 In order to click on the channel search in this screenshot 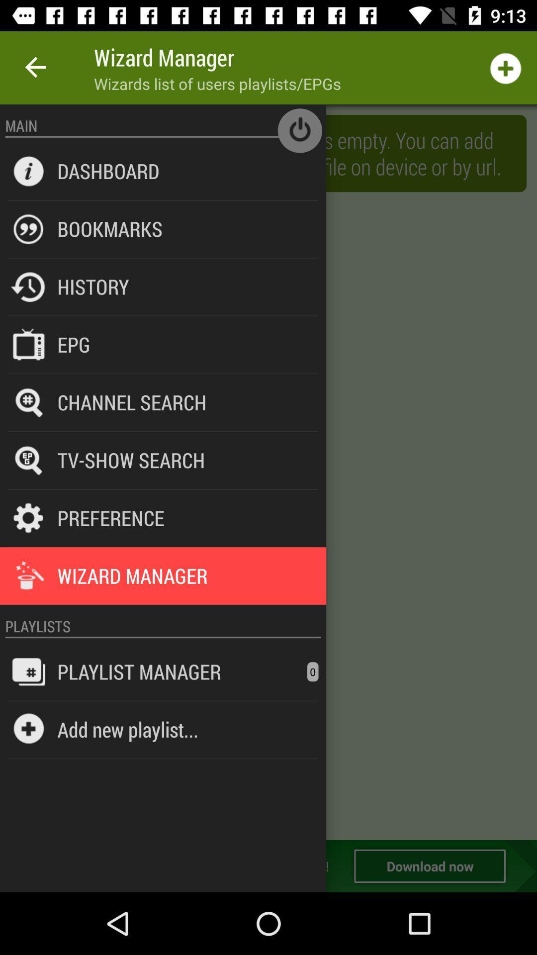, I will do `click(131, 402)`.